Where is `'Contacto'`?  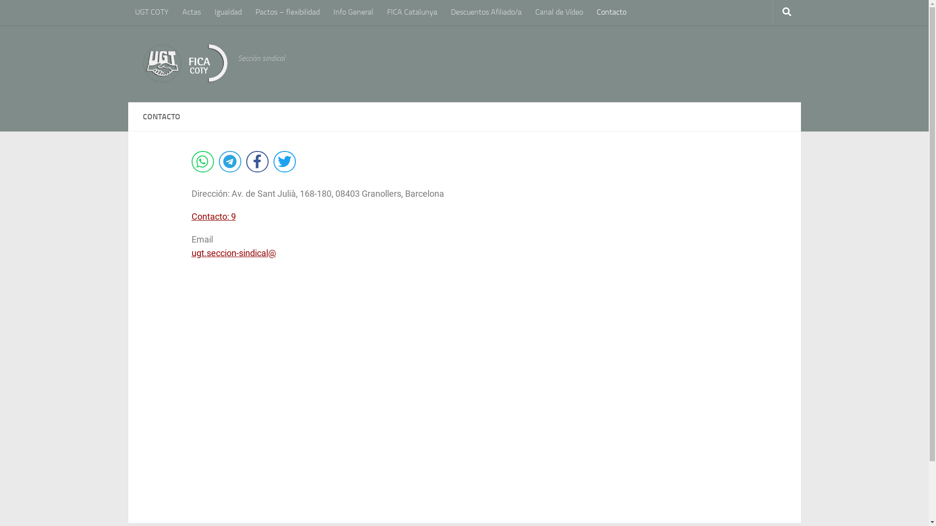
'Contacto' is located at coordinates (611, 12).